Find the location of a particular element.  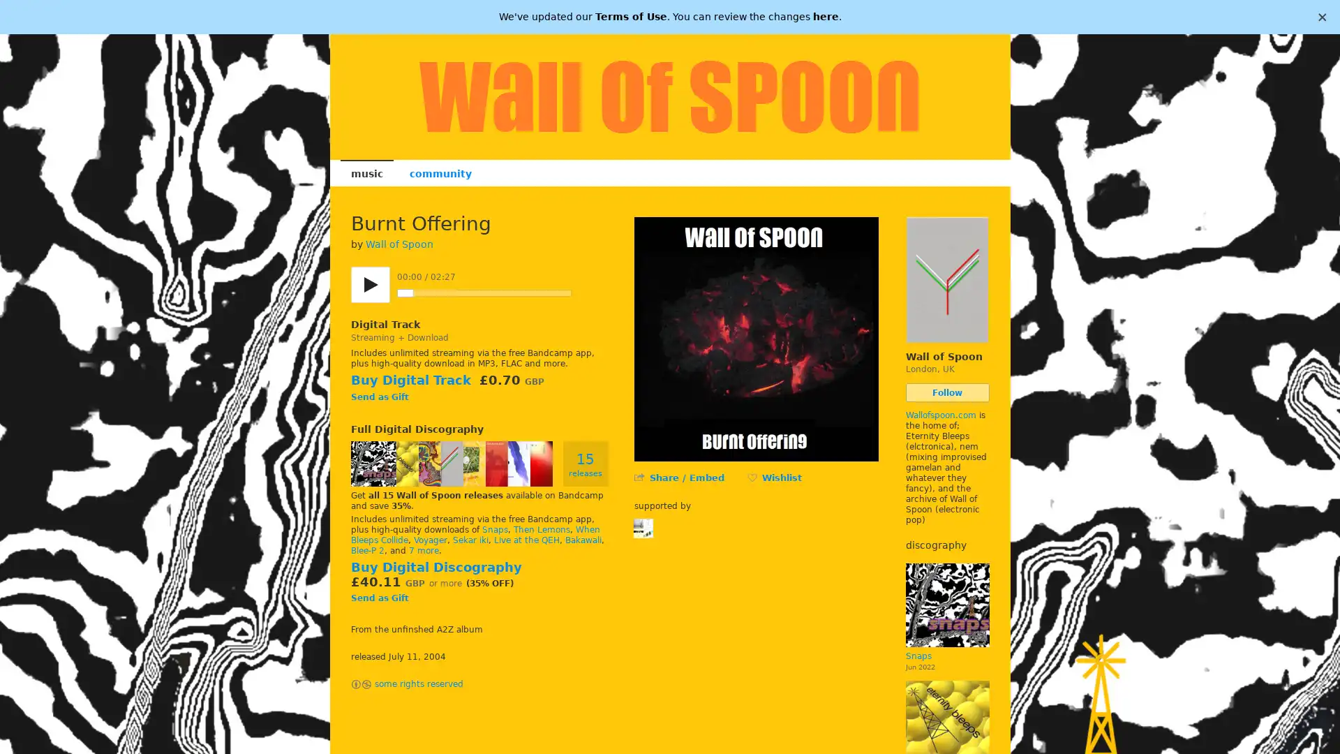

Send as Gift is located at coordinates (379, 597).